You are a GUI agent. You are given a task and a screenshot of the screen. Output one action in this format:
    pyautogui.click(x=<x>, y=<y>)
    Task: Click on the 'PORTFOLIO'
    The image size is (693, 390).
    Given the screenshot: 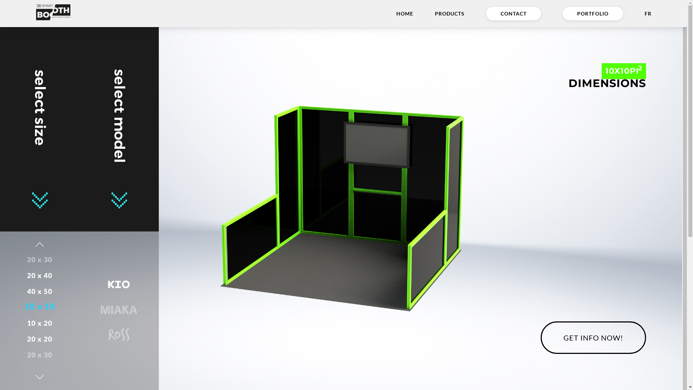 What is the action you would take?
    pyautogui.click(x=593, y=13)
    